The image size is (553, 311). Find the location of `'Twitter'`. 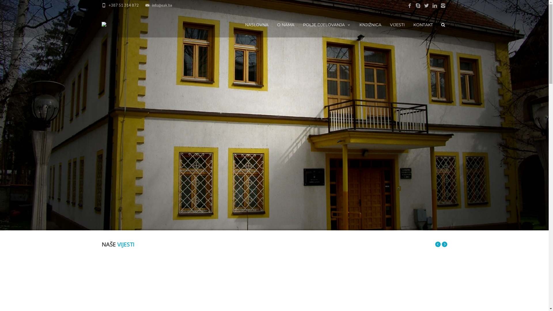

'Twitter' is located at coordinates (416, 300).